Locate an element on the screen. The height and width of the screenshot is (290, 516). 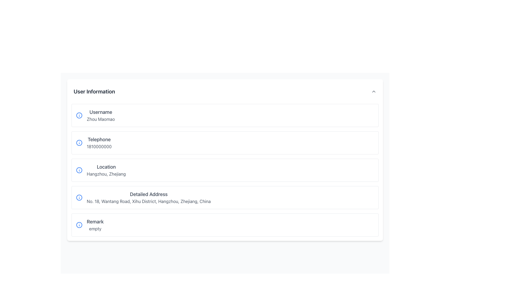
the static text label 'Remark' located at the bottom-most section of the user information display, which serves as a descriptive header for the content below is located at coordinates (95, 222).